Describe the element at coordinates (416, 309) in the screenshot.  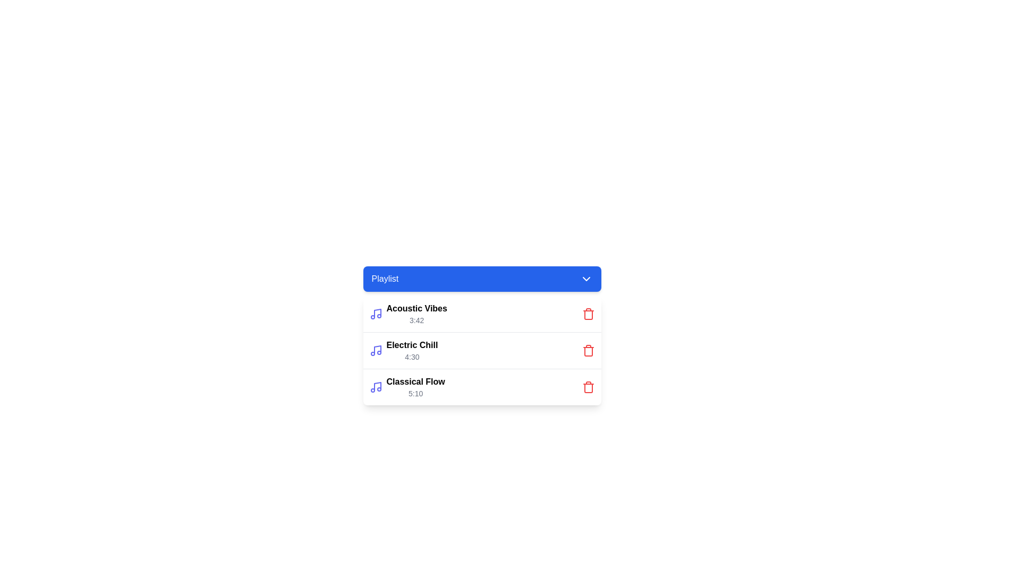
I see `the bold text label displaying 'Acoustic Vibes' for accessibility purposes` at that location.